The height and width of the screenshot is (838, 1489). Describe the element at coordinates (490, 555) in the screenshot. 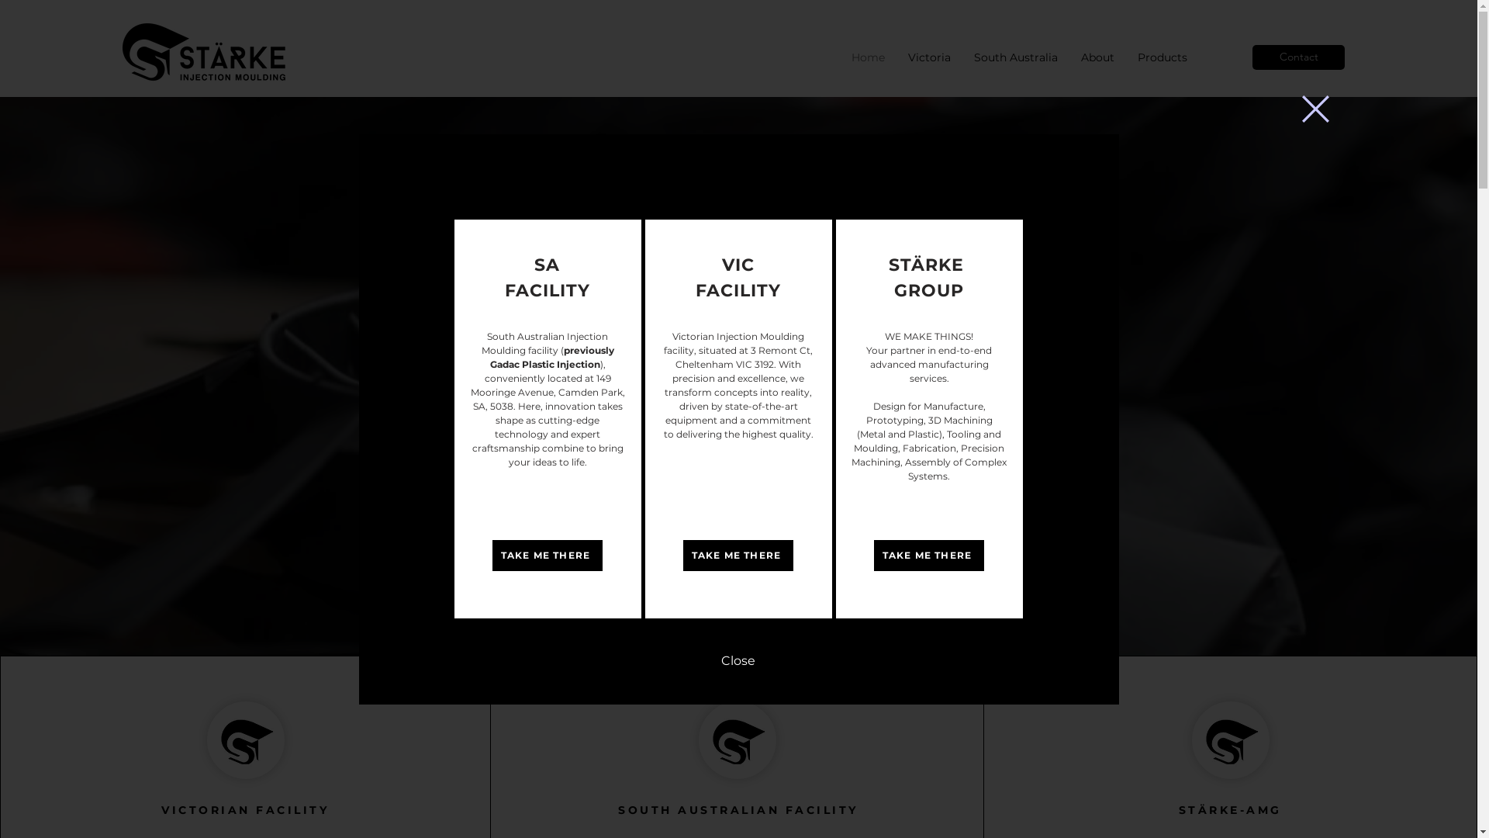

I see `'TAKE ME THERE'` at that location.